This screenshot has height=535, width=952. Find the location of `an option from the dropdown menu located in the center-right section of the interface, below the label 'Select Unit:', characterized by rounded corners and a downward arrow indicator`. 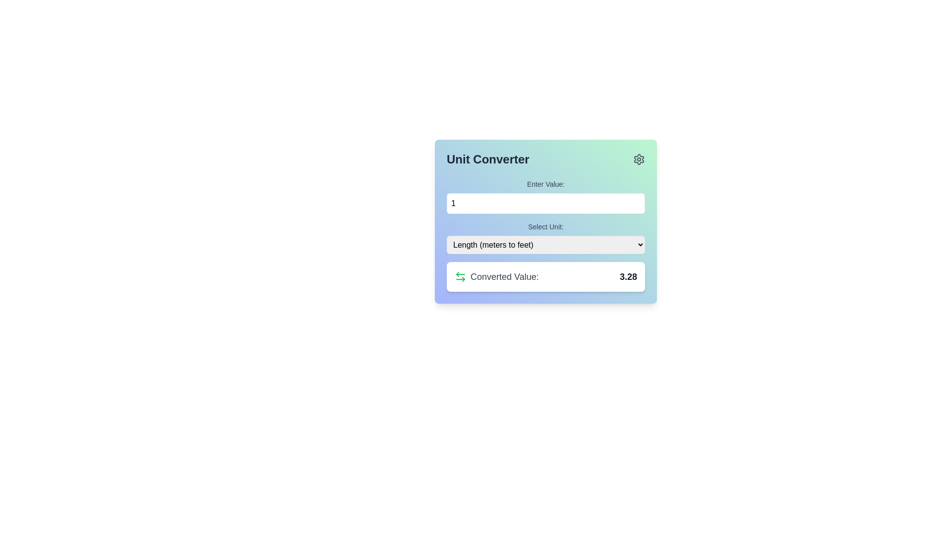

an option from the dropdown menu located in the center-right section of the interface, below the label 'Select Unit:', characterized by rounded corners and a downward arrow indicator is located at coordinates (545, 244).